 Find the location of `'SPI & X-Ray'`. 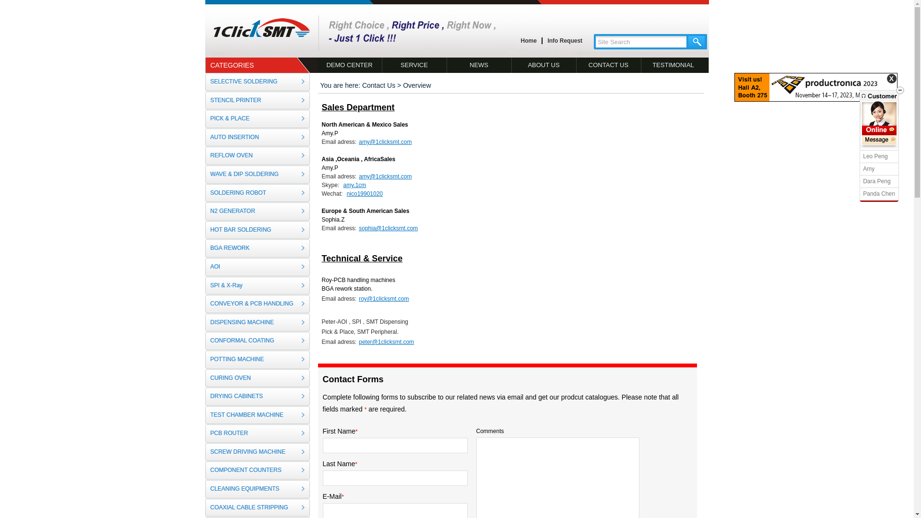

'SPI & X-Ray' is located at coordinates (258, 285).